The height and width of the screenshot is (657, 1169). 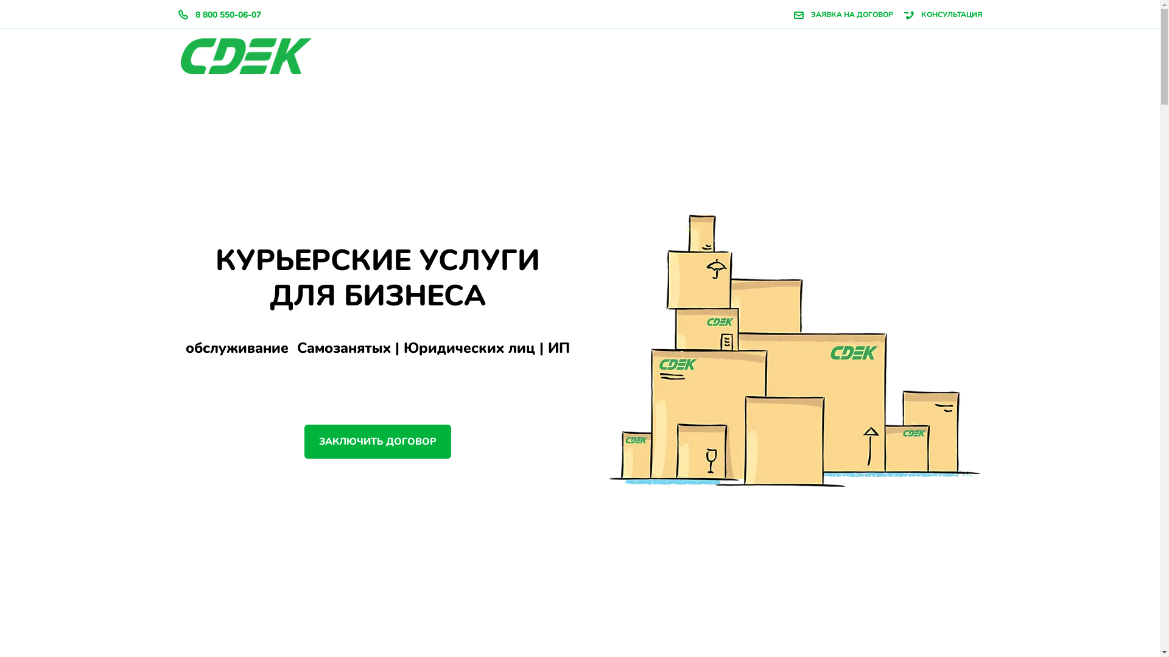 I want to click on '8 800 550-06-07', so click(x=186, y=15).